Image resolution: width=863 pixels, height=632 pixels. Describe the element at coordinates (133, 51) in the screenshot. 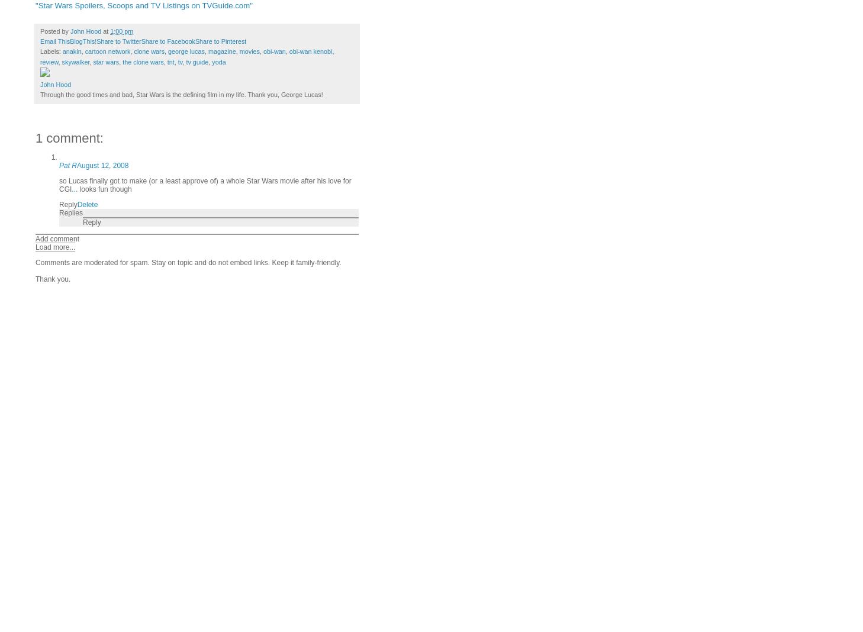

I see `'clone wars'` at that location.